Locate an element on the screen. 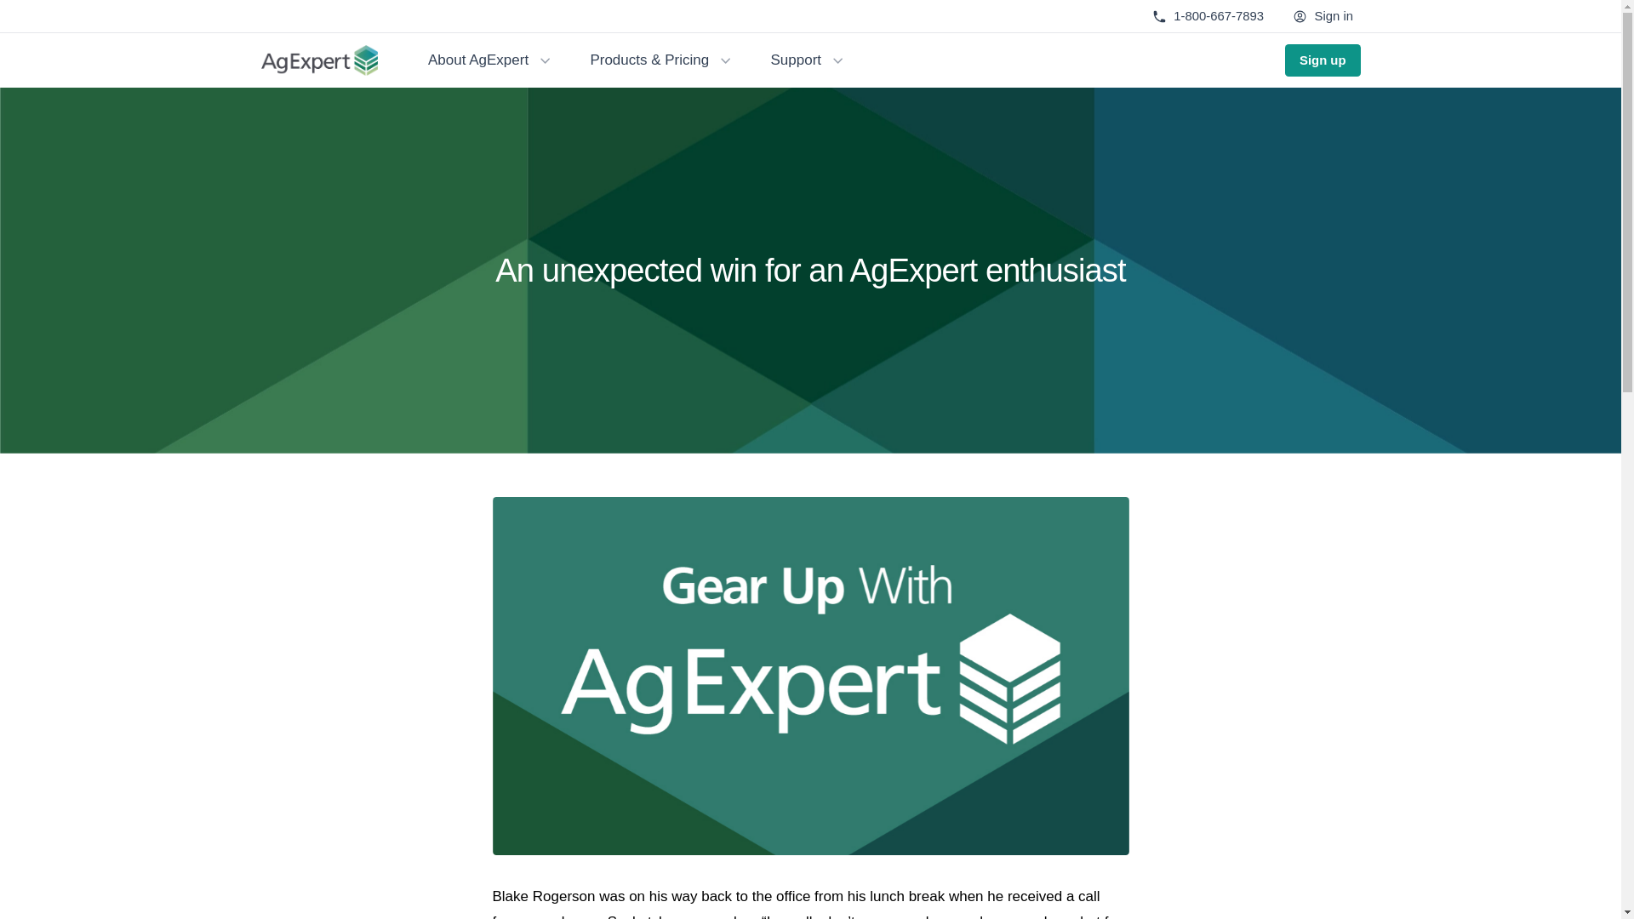 This screenshot has height=919, width=1634. 'Sign up' is located at coordinates (1285, 59).